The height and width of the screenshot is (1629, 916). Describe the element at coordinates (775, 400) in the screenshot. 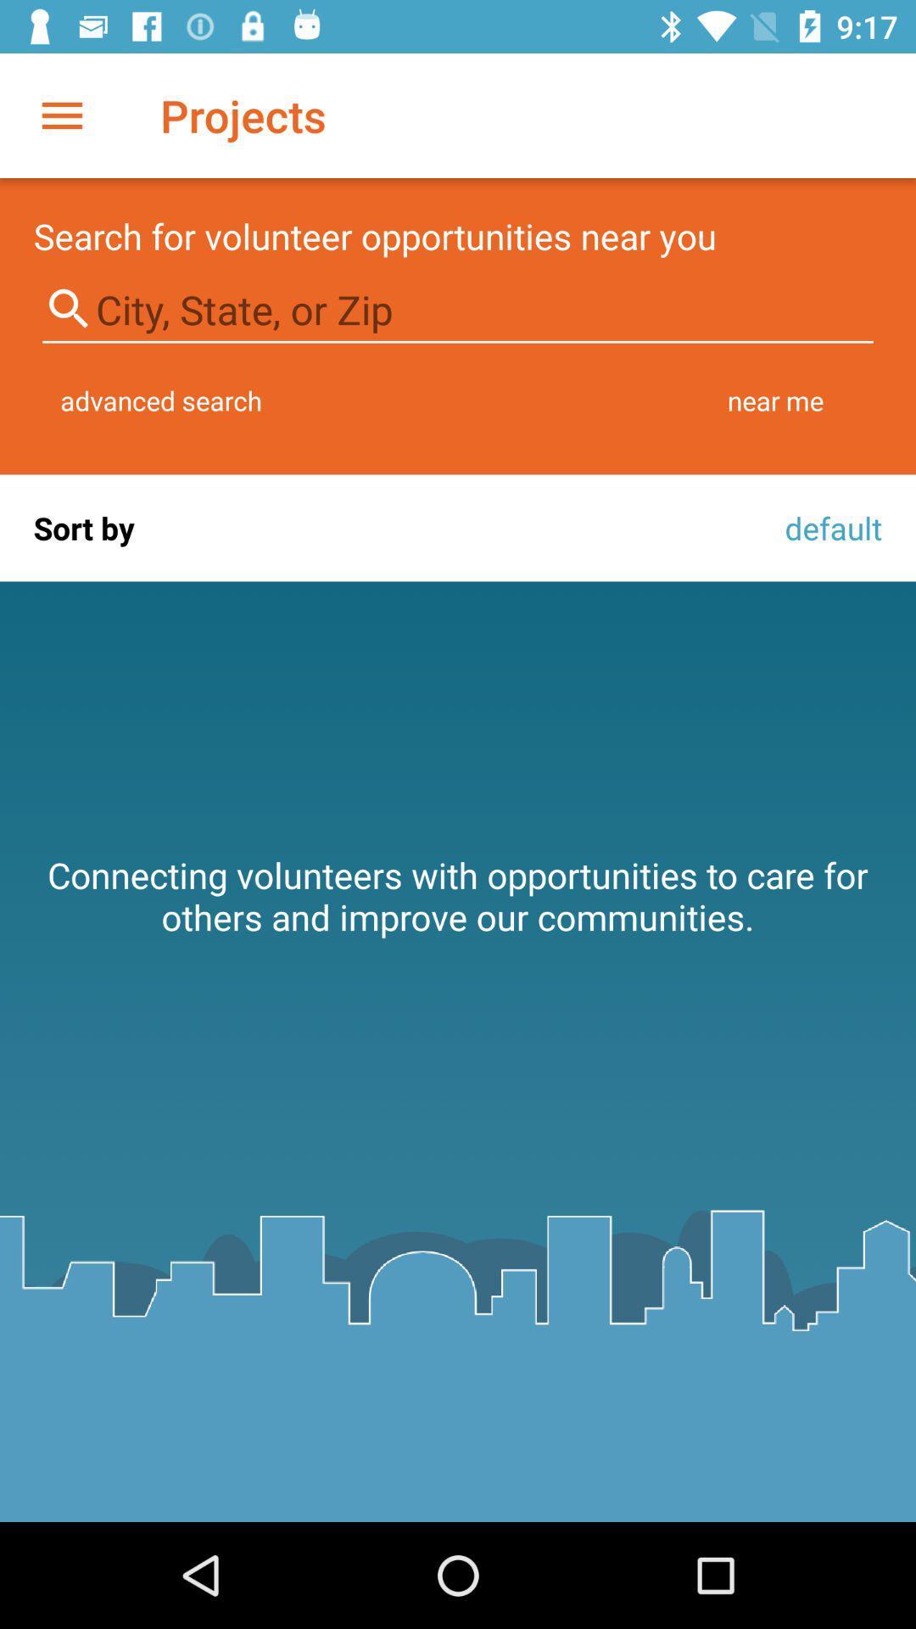

I see `the item above default icon` at that location.